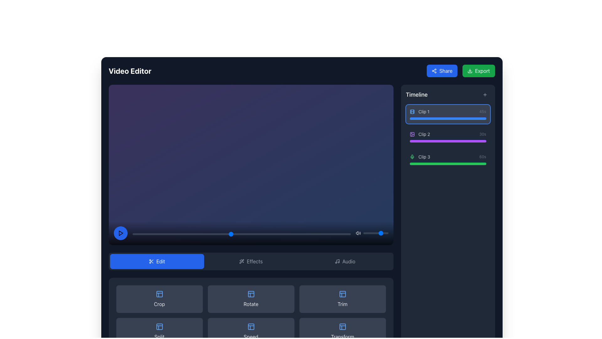  I want to click on the slider, so click(366, 233).